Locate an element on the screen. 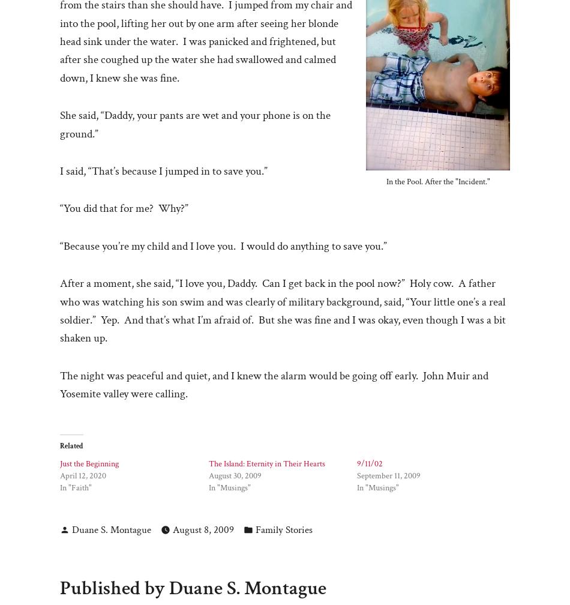 The width and height of the screenshot is (570, 605). 'She said, “Daddy, your pants are wet and your phone is on the ground.”' is located at coordinates (194, 124).